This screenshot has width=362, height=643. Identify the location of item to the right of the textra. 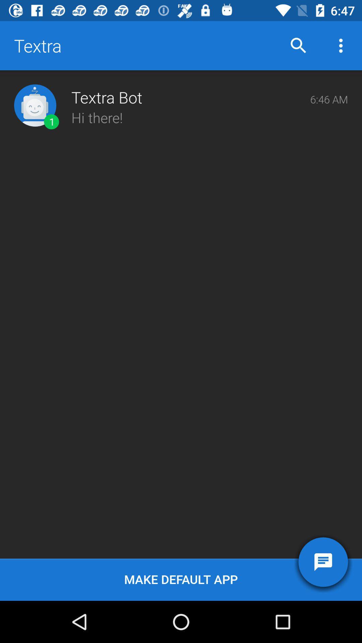
(298, 45).